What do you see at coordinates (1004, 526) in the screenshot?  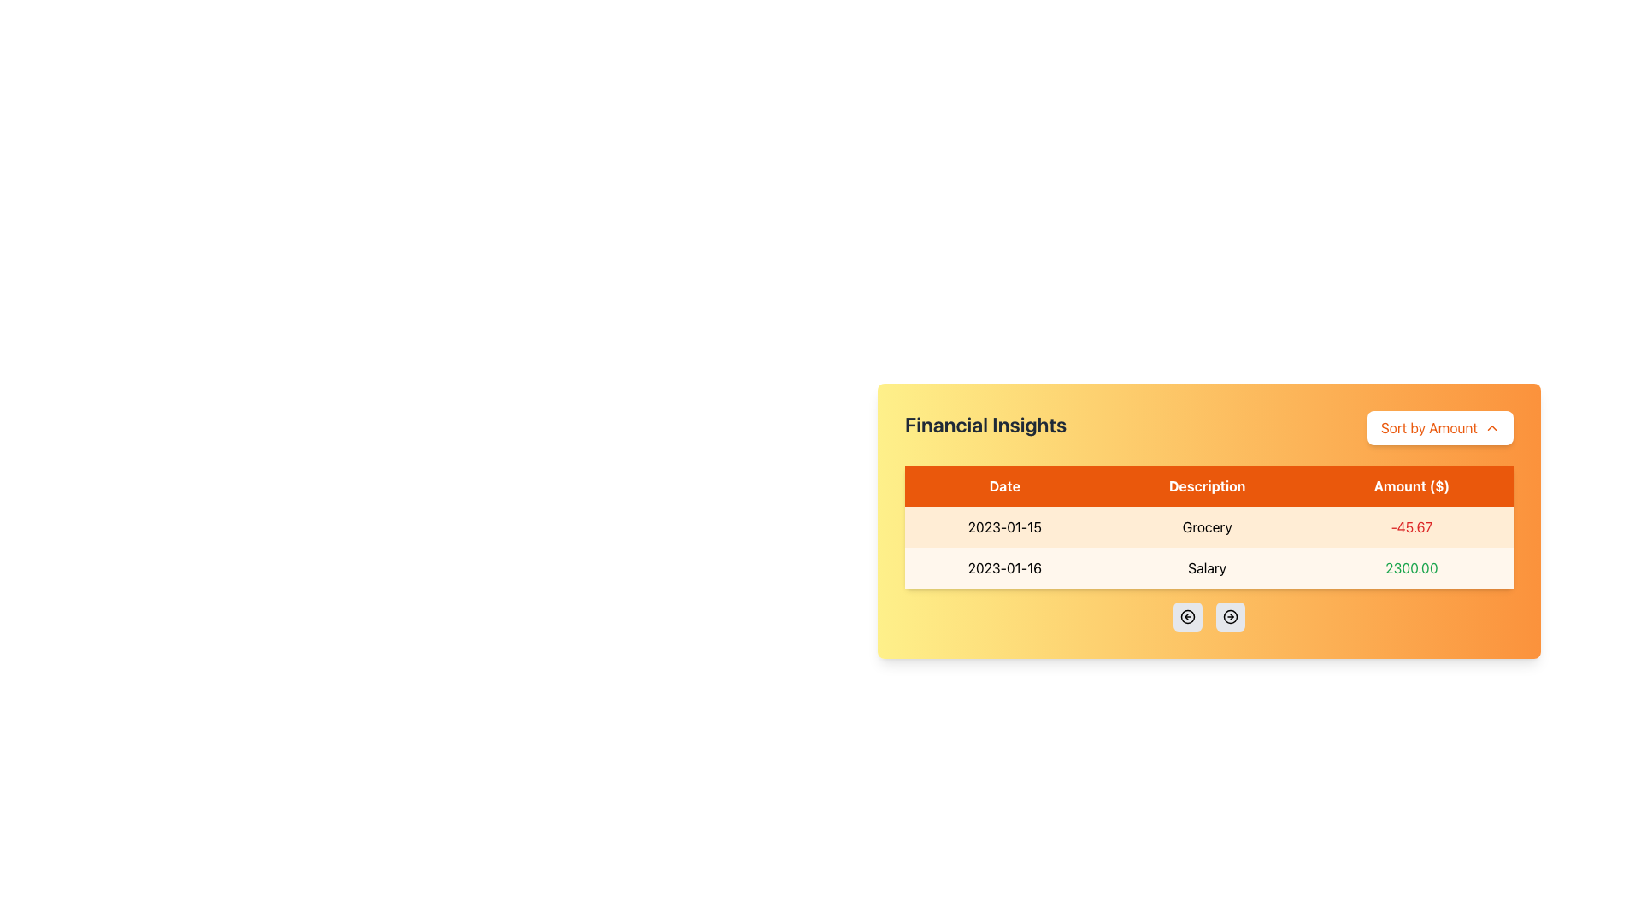 I see `the text element displaying '2023-01-15' in the 'Date' column of the table, which is styled in bold black sans-serif font on a light orange background` at bounding box center [1004, 526].